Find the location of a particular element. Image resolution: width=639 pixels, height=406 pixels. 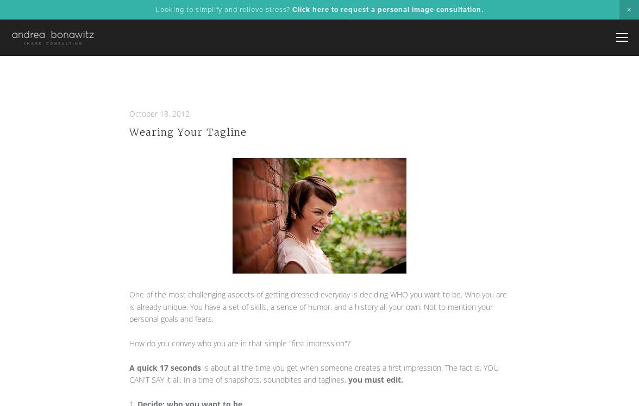

'Looking to simplify and relieve stress?' is located at coordinates (223, 9).